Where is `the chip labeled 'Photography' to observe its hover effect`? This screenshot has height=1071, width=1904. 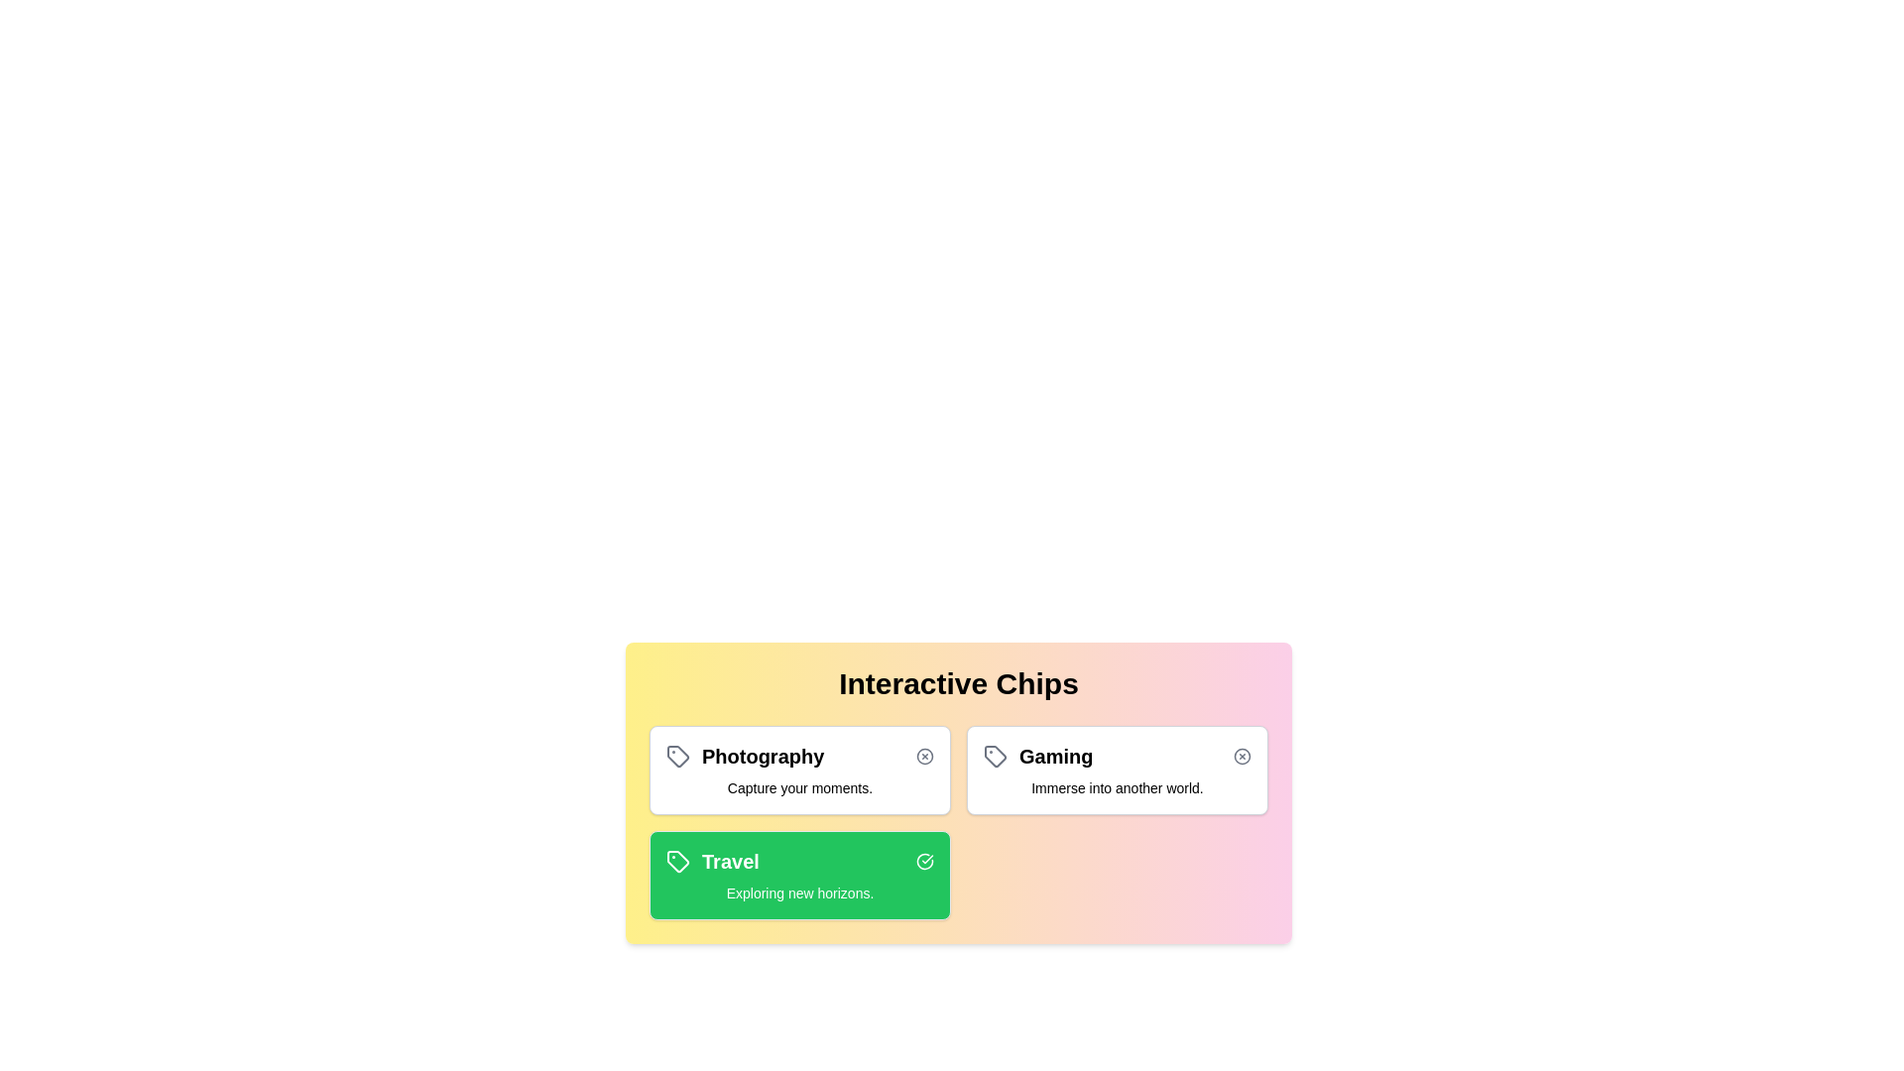 the chip labeled 'Photography' to observe its hover effect is located at coordinates (799, 769).